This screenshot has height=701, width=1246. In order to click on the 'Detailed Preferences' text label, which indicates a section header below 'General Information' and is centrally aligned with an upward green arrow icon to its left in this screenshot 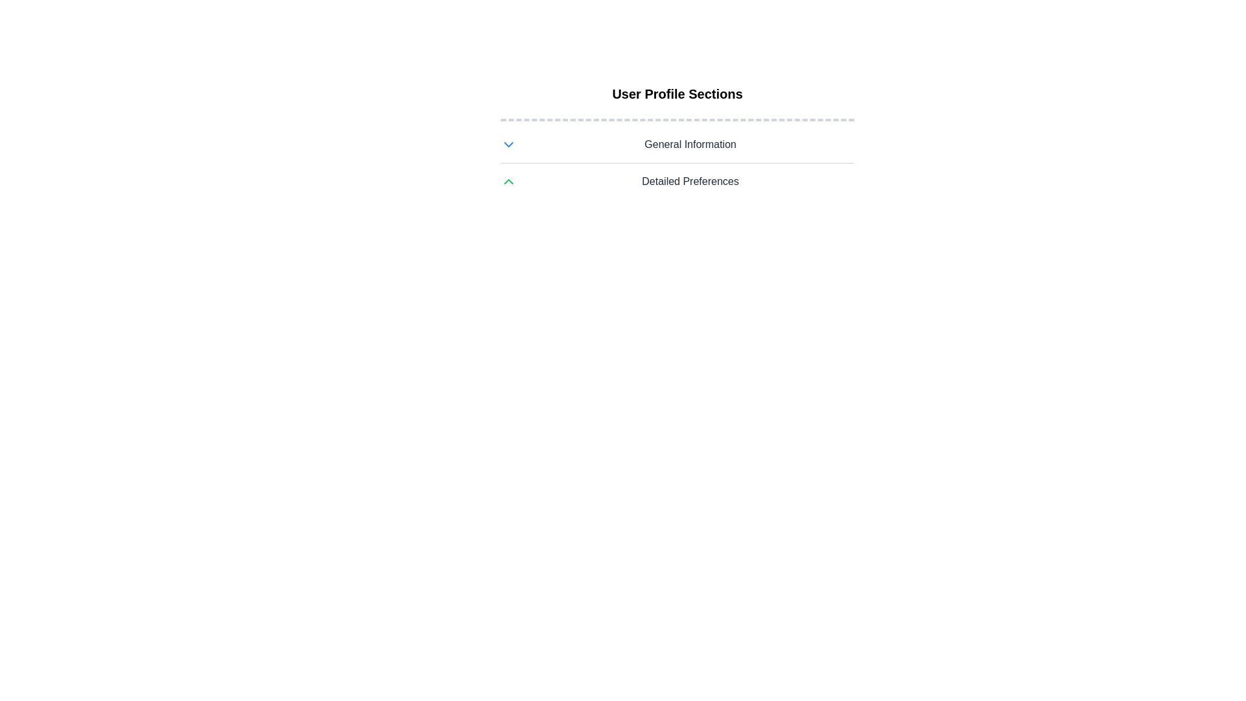, I will do `click(690, 182)`.